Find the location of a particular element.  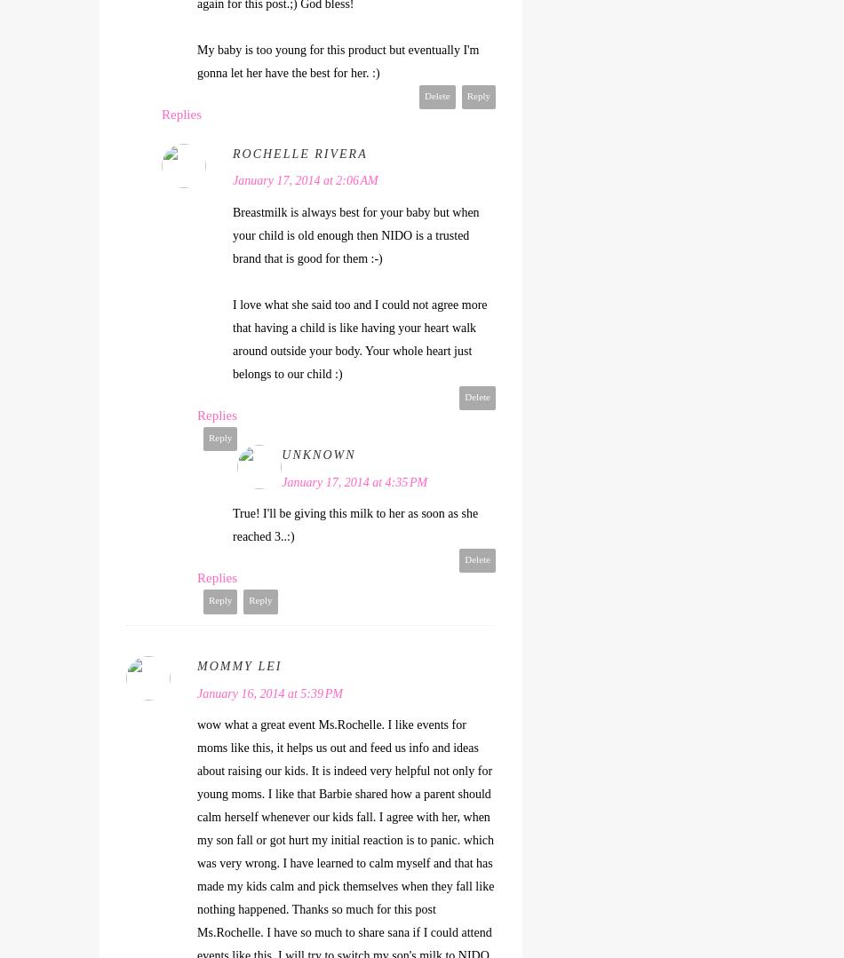

'January 16, 2014 at 5:39 PM' is located at coordinates (268, 693).